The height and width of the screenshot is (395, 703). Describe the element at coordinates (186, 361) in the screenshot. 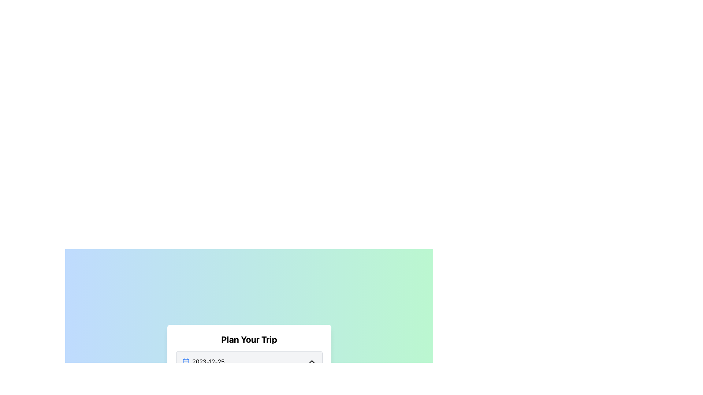

I see `the central lower area of the calendar icon, which is part of the date selection interface` at that location.